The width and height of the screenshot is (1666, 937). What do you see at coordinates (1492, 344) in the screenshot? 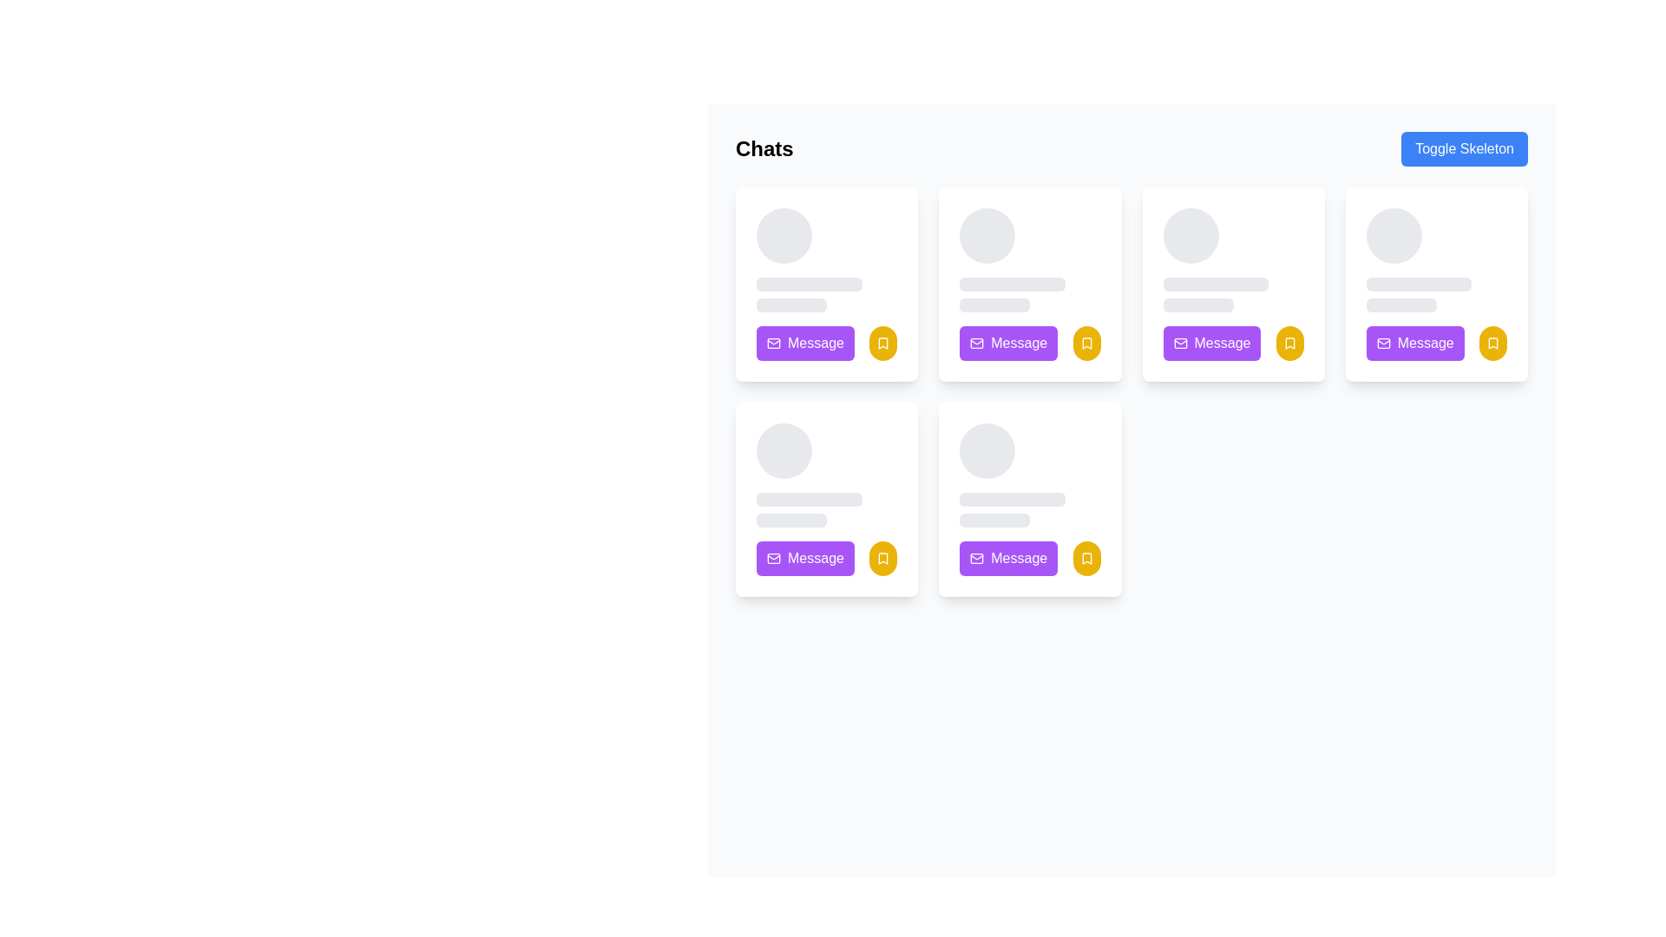
I see `the bookmarking button located in the last column of the top row of the grid layout, which is positioned immediately to the right of the purple 'Message' button` at bounding box center [1492, 344].